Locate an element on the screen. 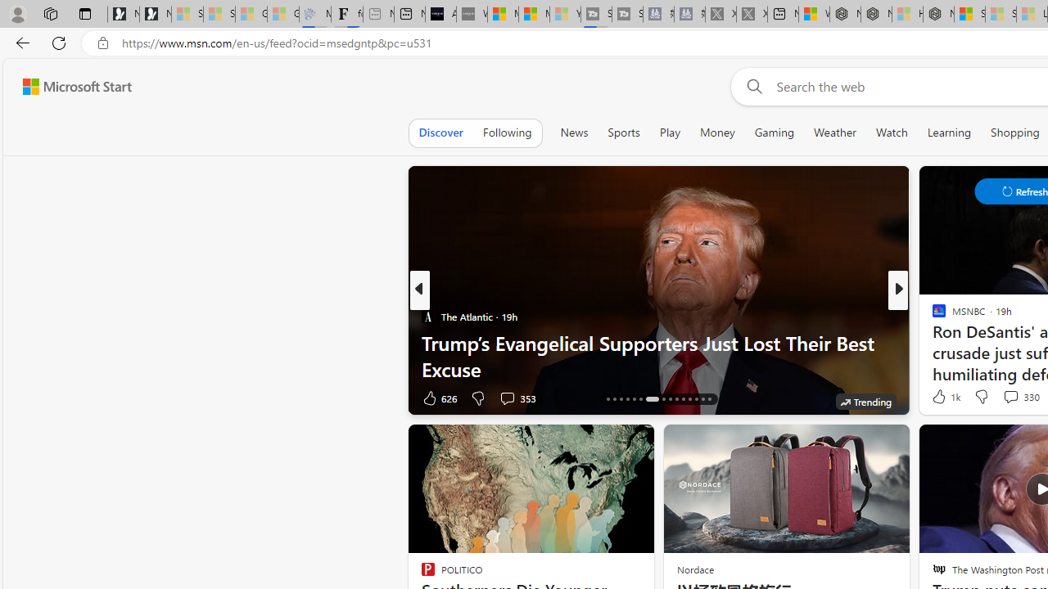 This screenshot has width=1048, height=589. 'News' is located at coordinates (574, 132).